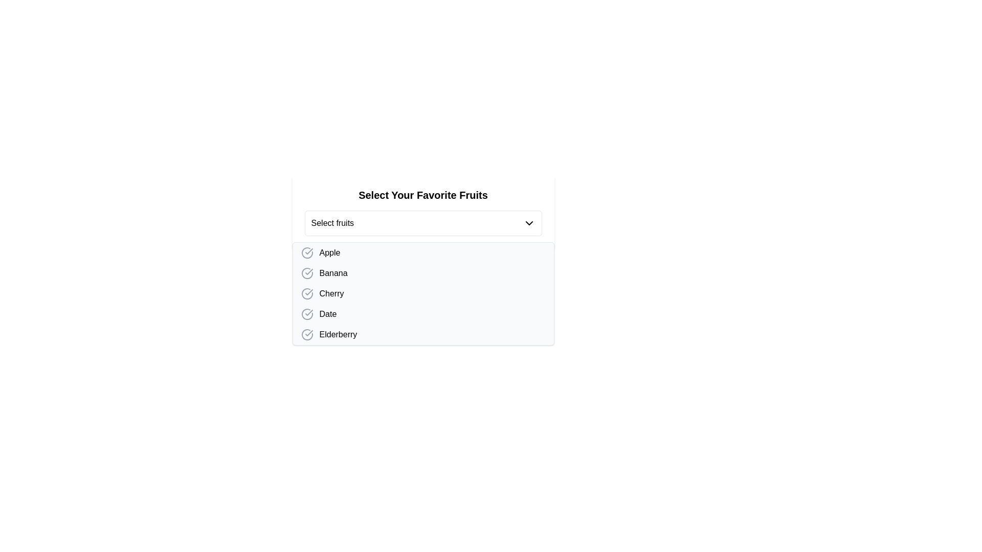 This screenshot has width=982, height=552. I want to click on text label element displaying 'Select fruits', which is located within a dropdown menu selector, positioned to the left of a downwards-facing chevron icon, so click(332, 222).